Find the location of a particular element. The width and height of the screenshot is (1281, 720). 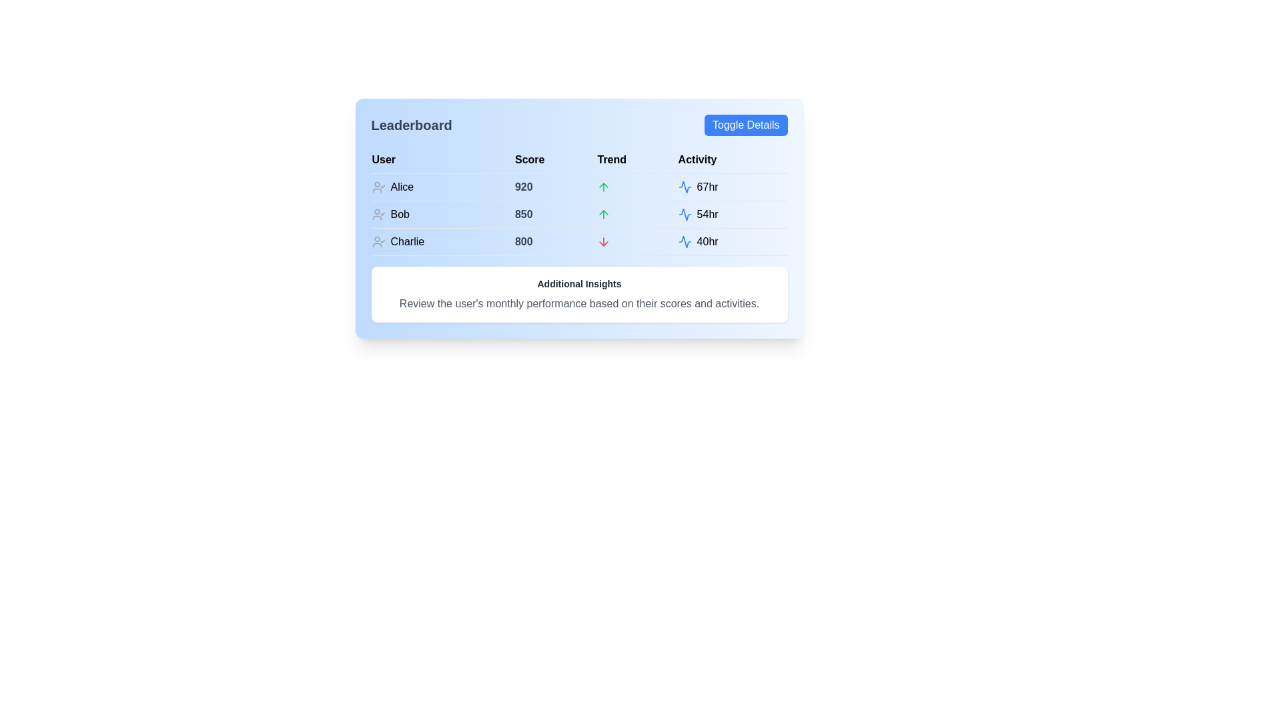

the user confirmation icon with a gray color and checkmark, located next to the name 'Bob' in the leaderboard list is located at coordinates (378, 213).